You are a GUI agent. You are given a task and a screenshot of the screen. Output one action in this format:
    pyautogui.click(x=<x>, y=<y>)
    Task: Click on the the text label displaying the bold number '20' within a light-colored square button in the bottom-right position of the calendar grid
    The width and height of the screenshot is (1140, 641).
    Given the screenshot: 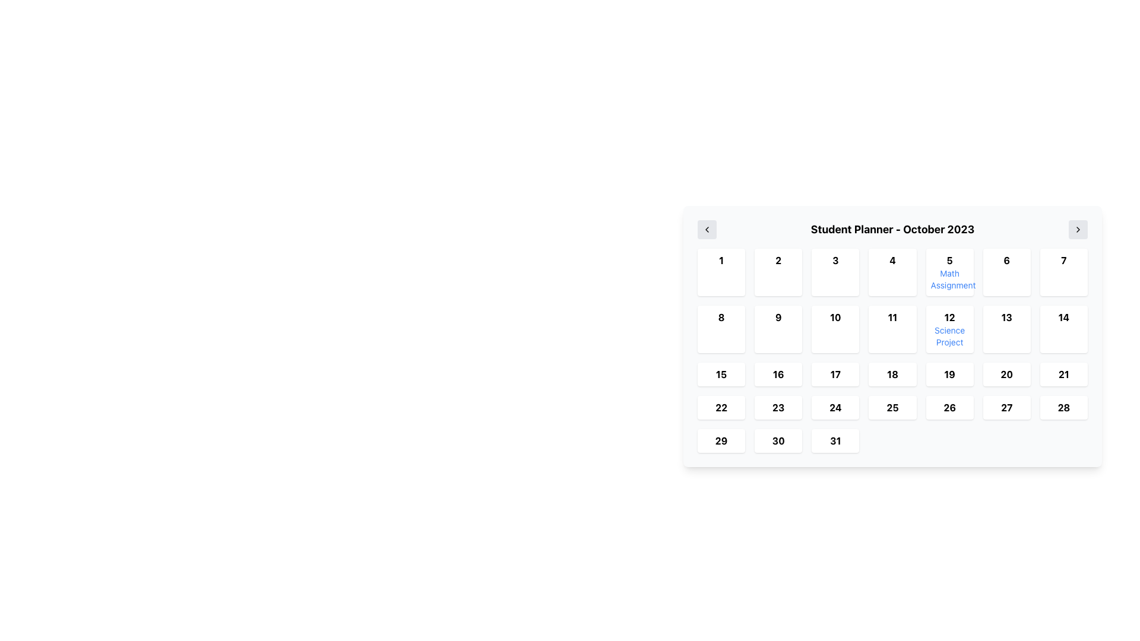 What is the action you would take?
    pyautogui.click(x=1006, y=375)
    